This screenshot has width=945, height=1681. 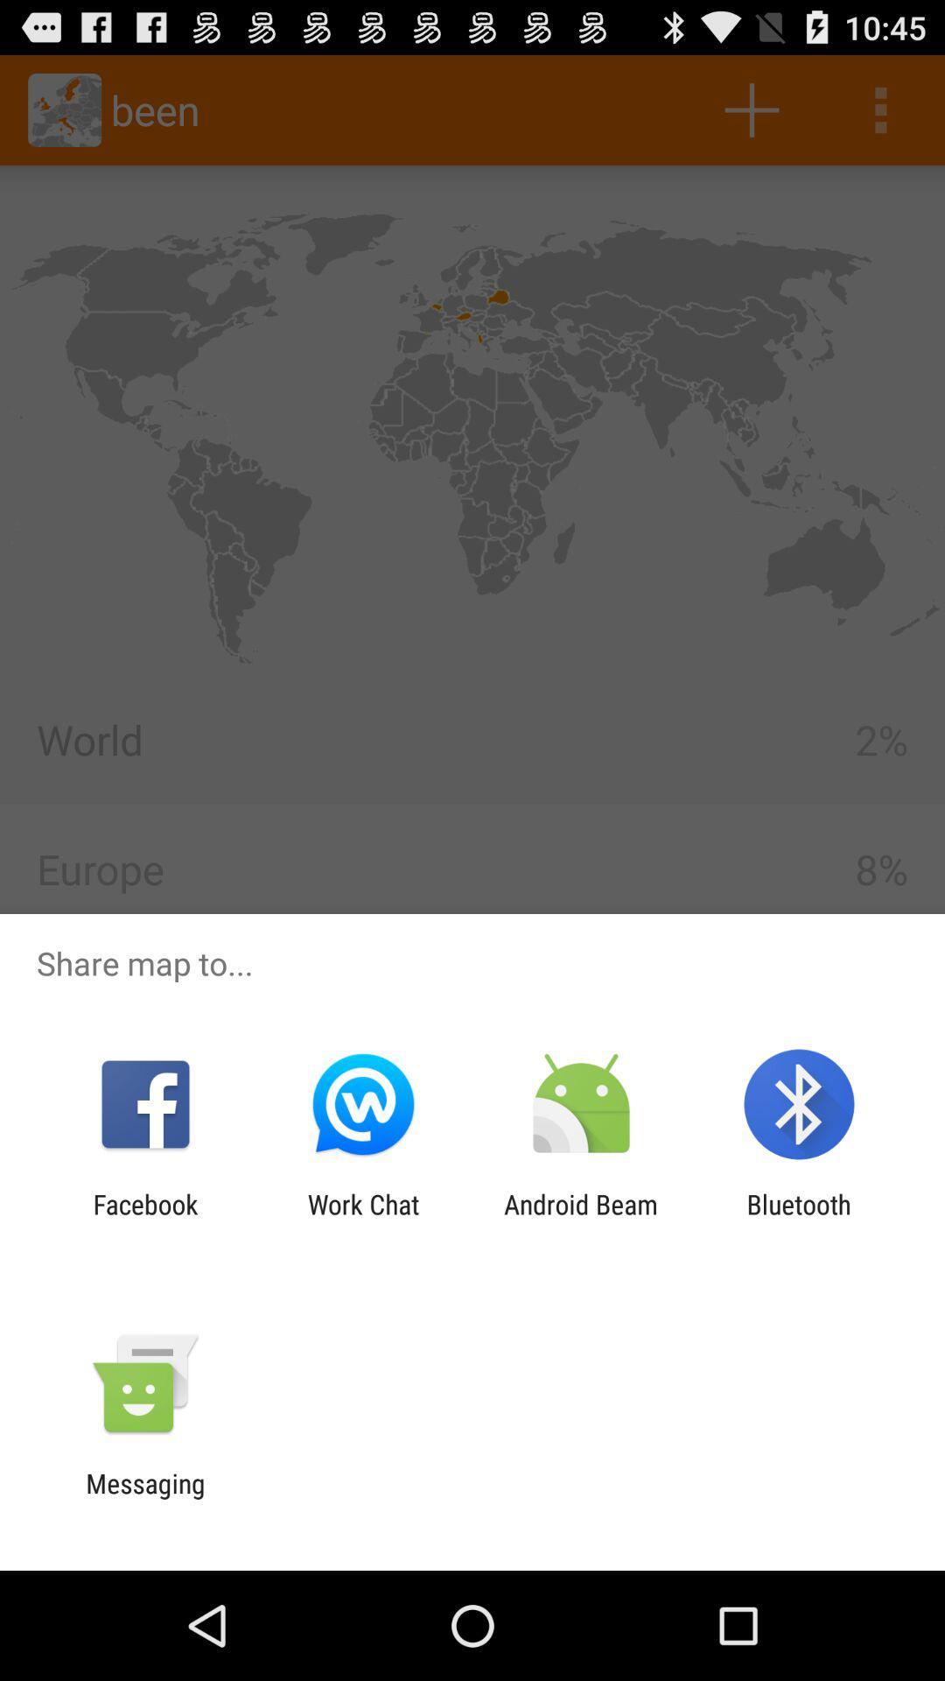 I want to click on app to the right of the work chat item, so click(x=581, y=1219).